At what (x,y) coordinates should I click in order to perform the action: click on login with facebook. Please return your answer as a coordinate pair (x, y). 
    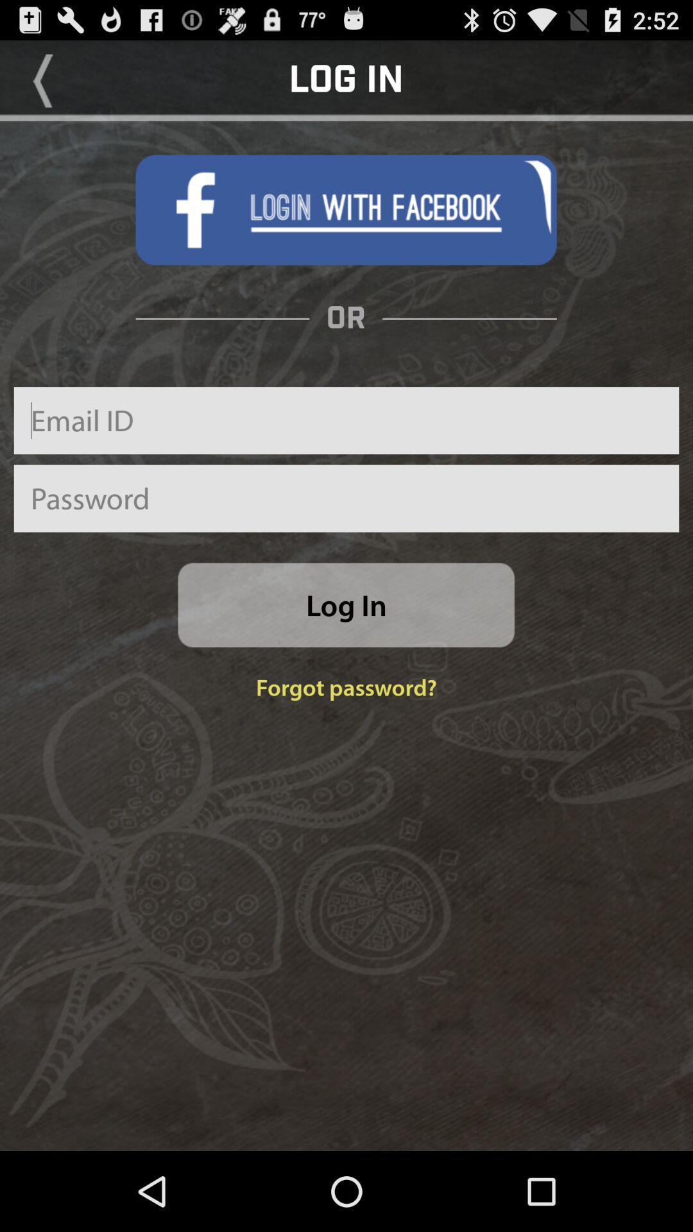
    Looking at the image, I should click on (345, 210).